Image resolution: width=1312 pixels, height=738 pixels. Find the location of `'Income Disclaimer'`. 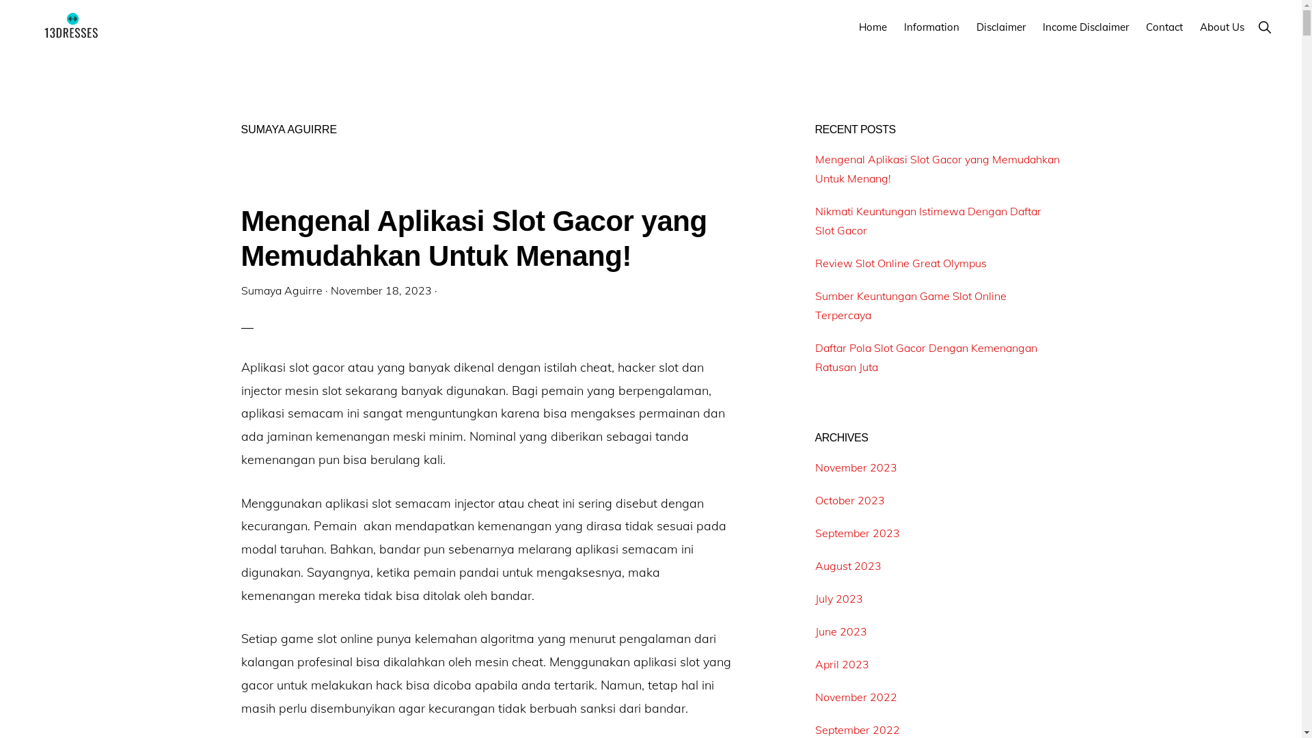

'Income Disclaimer' is located at coordinates (1084, 27).